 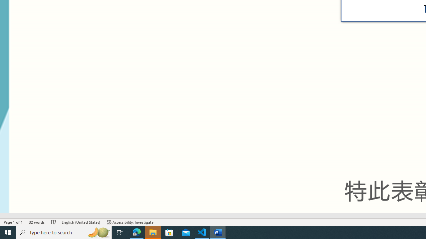 I want to click on 'Microsoft Store', so click(x=169, y=232).